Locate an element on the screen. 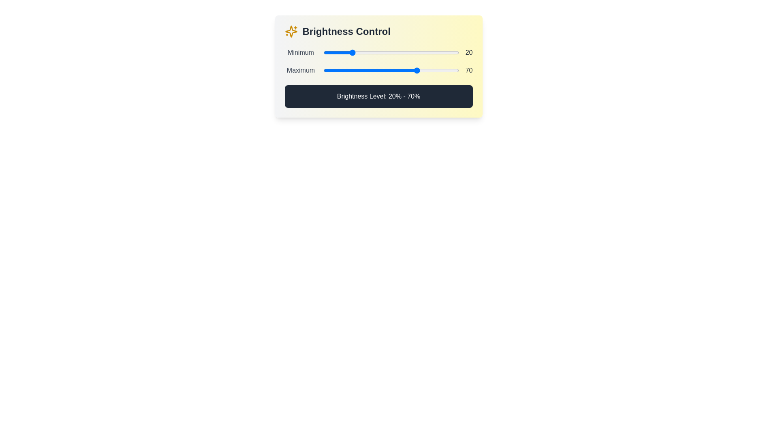 Image resolution: width=778 pixels, height=438 pixels. the minimum brightness level to 70% by interacting with the first slider is located at coordinates (418, 53).